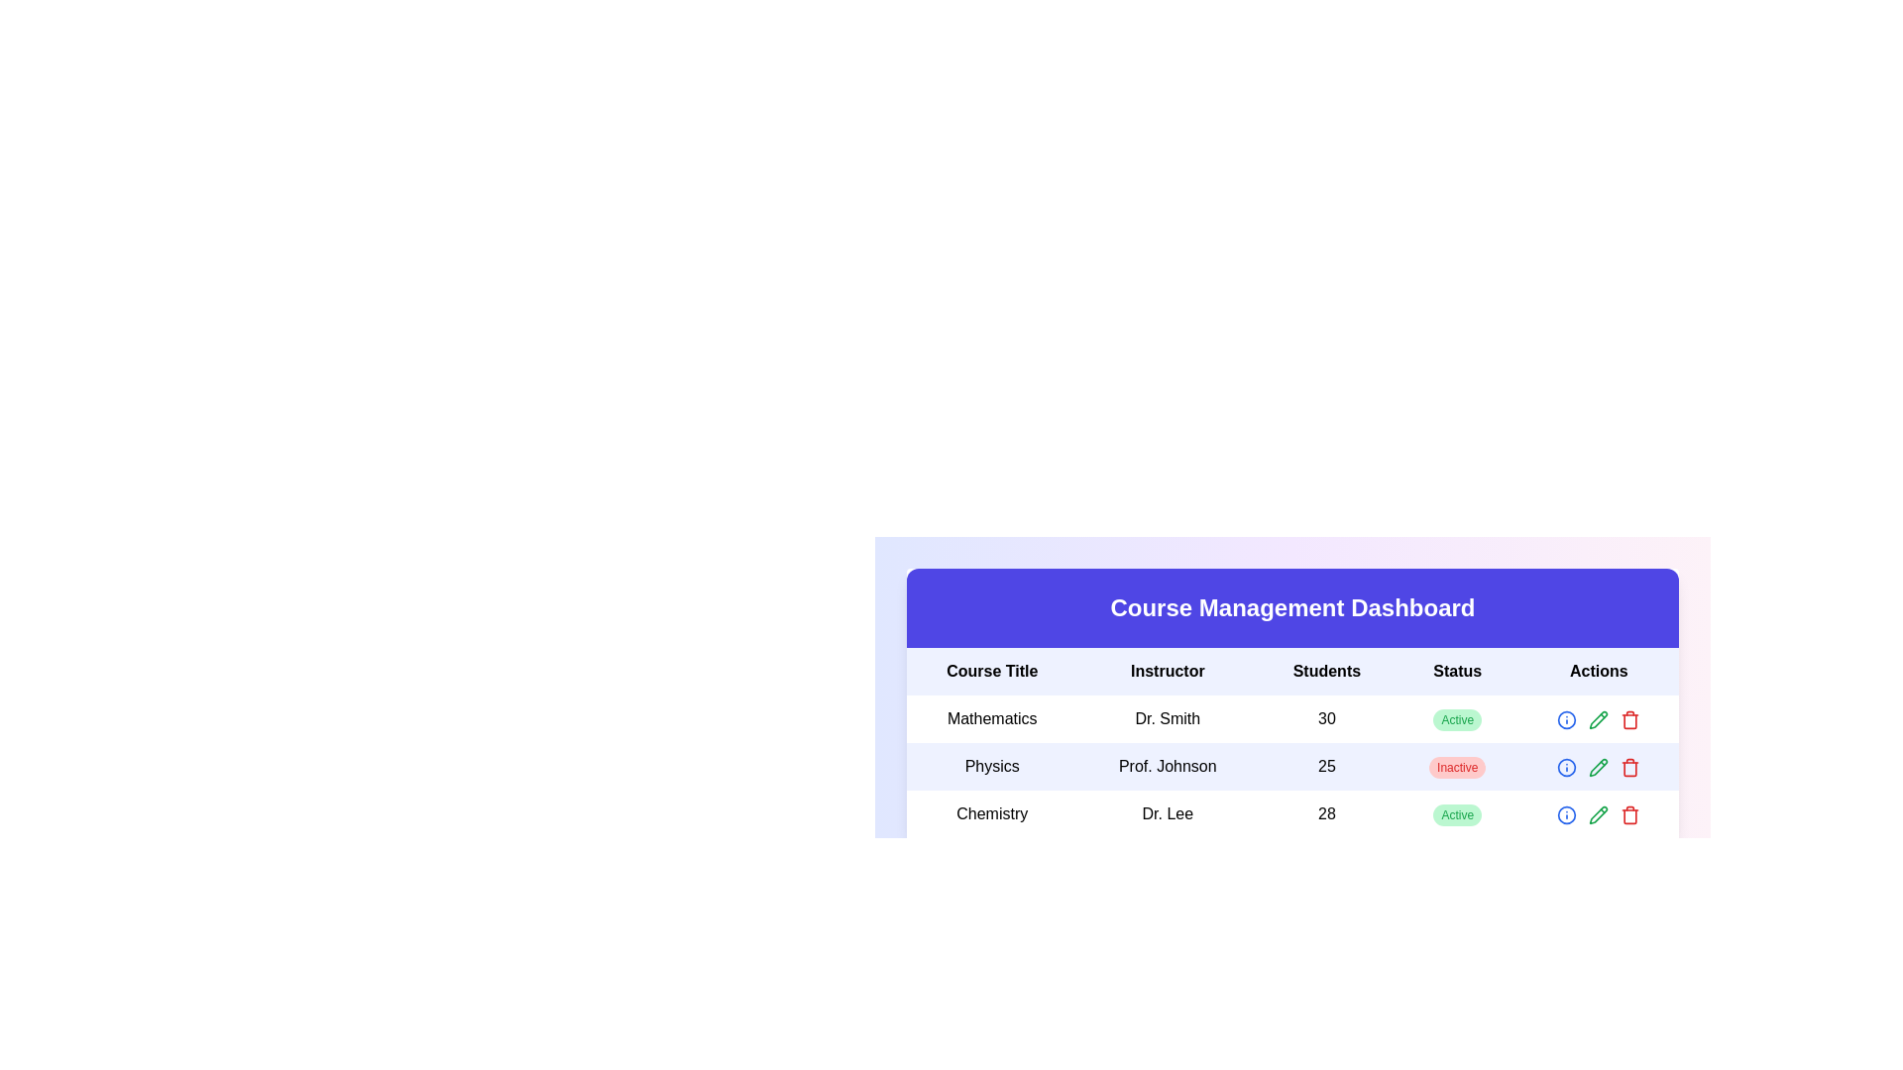 This screenshot has height=1070, width=1903. I want to click on the informational label indicating that the Chemistry course is currently active in the Status column of the Course Management Dashboard table, so click(1457, 813).